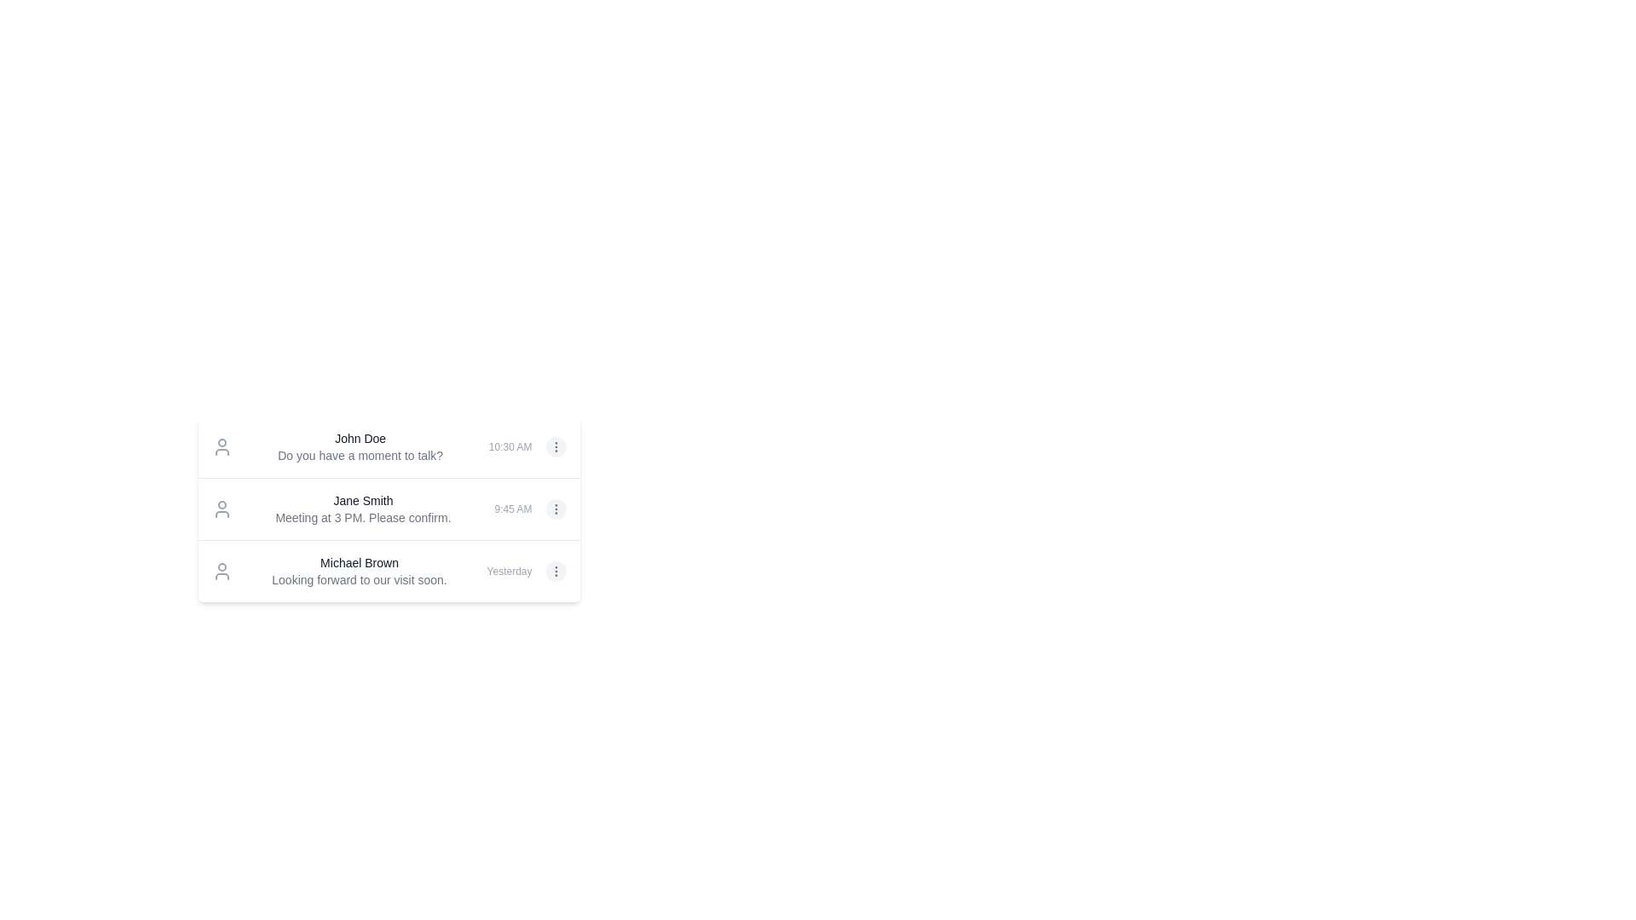 The height and width of the screenshot is (920, 1636). Describe the element at coordinates (556, 446) in the screenshot. I see `the Overflow Menu Icon associated with 'Jane Smith's message entry` at that location.